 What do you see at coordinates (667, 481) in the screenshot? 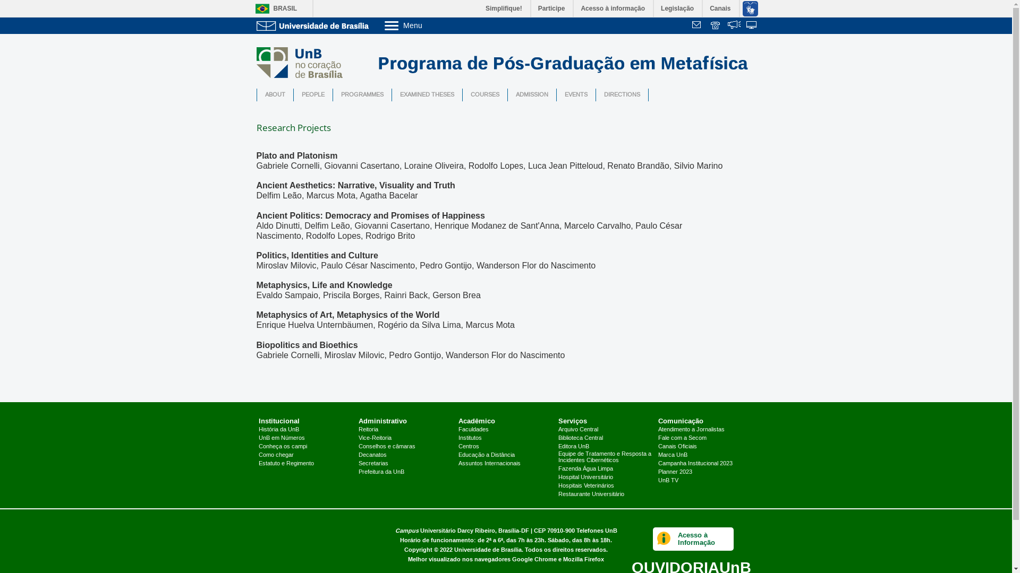
I see `'UnB TV'` at bounding box center [667, 481].